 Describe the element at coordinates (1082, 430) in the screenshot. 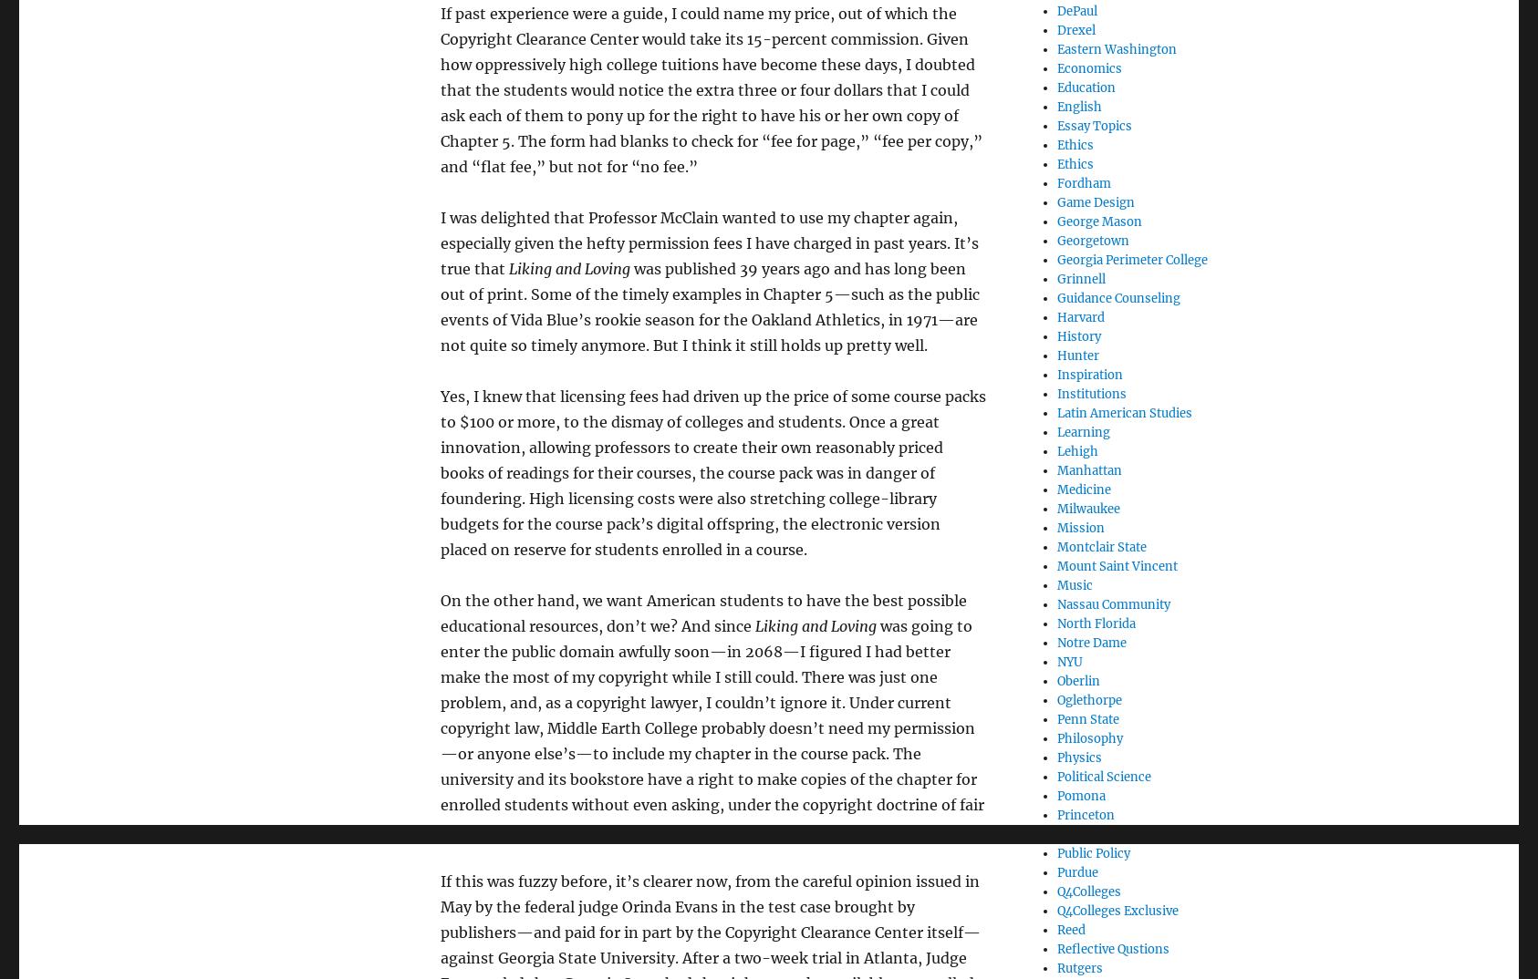

I see `'Learning'` at that location.